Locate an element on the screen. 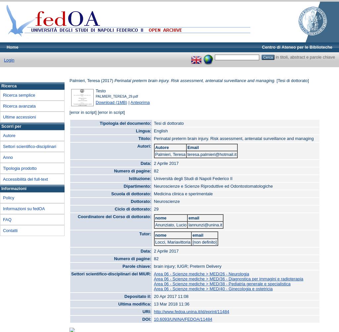 The image size is (339, 332). 'Anteprima' is located at coordinates (140, 102).